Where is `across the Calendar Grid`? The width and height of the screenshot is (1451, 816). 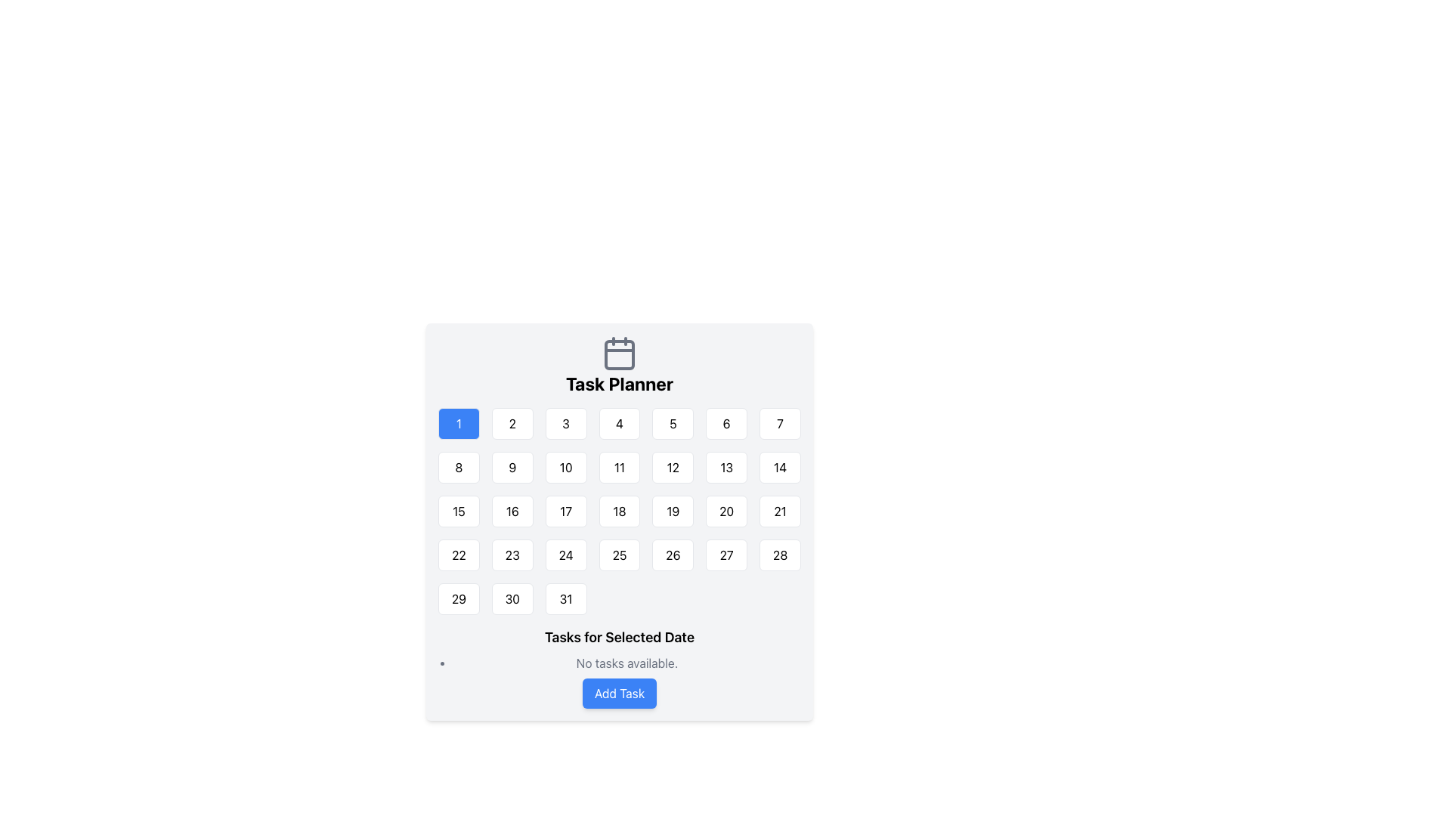
across the Calendar Grid is located at coordinates (620, 511).